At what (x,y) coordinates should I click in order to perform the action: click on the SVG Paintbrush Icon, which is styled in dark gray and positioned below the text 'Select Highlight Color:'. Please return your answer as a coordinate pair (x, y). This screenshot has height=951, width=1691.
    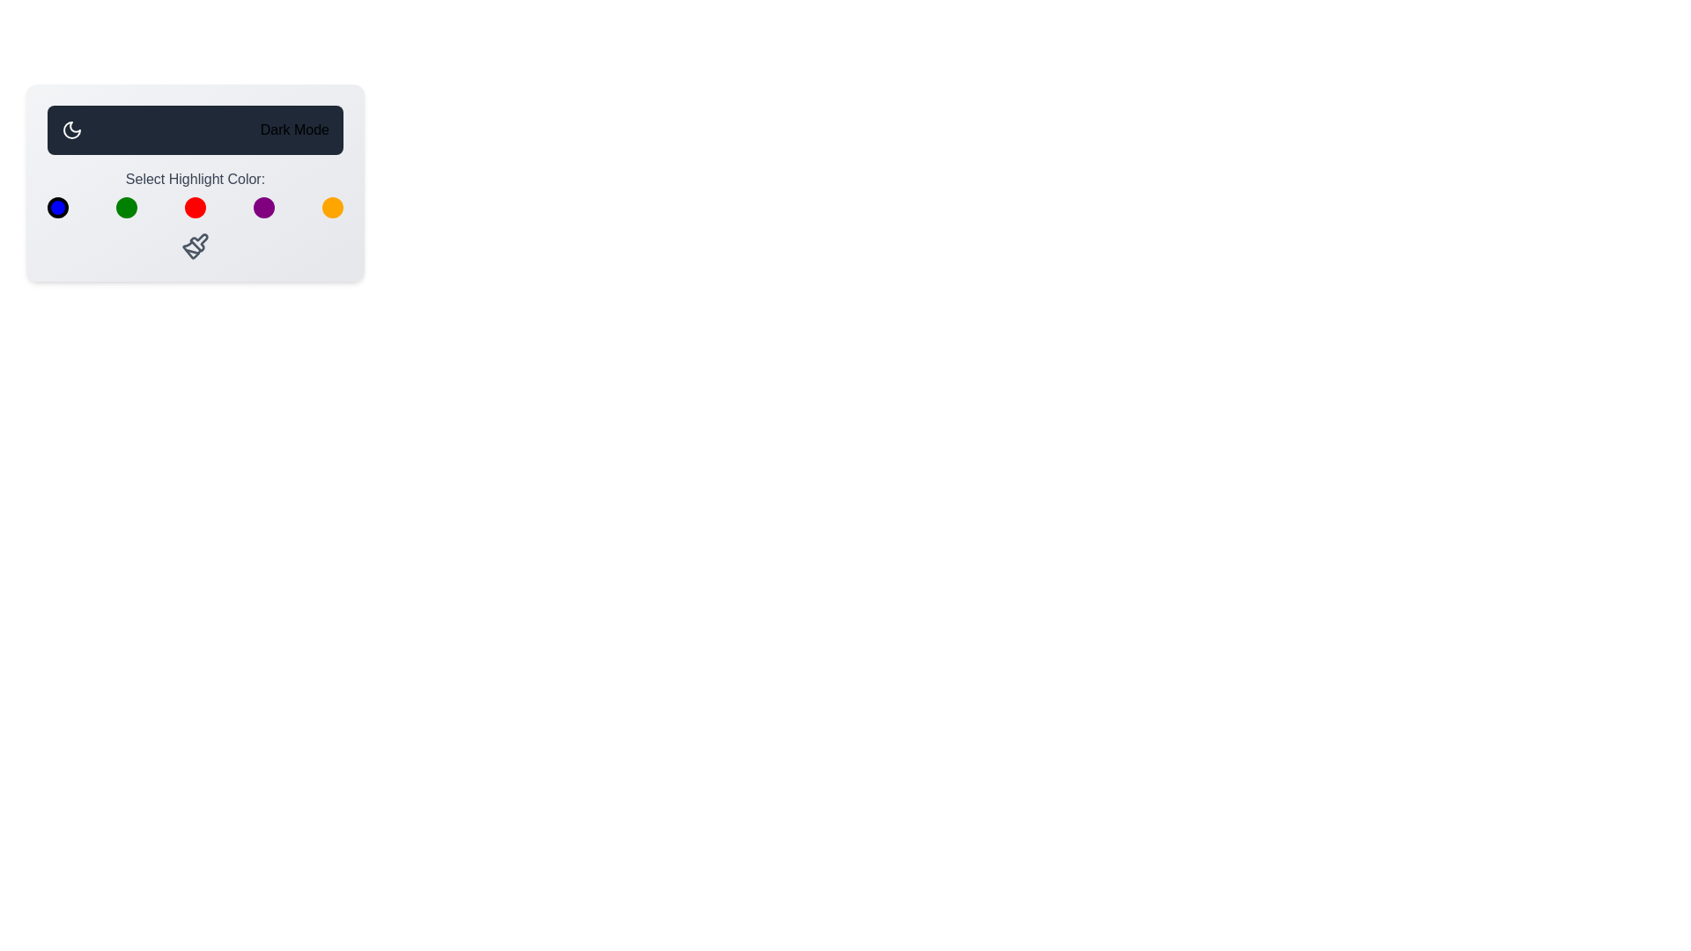
    Looking at the image, I should click on (195, 247).